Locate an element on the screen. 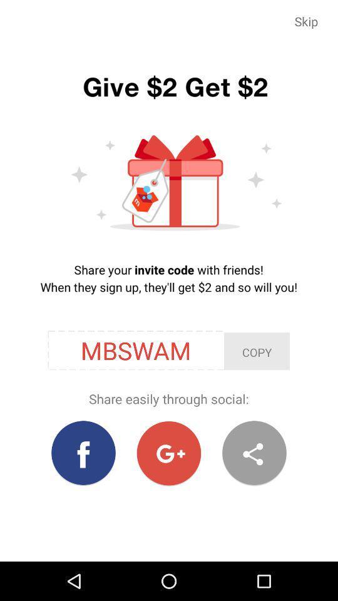 This screenshot has width=338, height=601. the icon at the bottom left corner is located at coordinates (83, 453).